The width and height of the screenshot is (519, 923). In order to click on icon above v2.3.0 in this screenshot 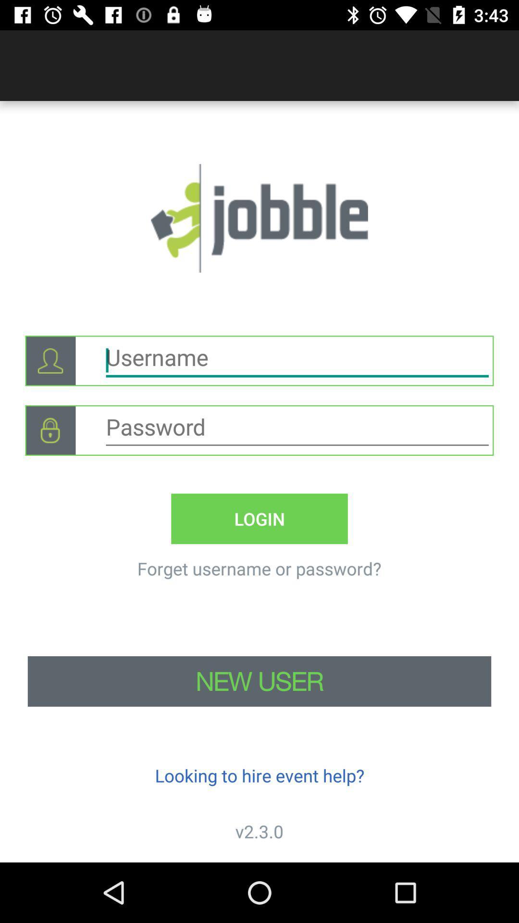, I will do `click(259, 775)`.